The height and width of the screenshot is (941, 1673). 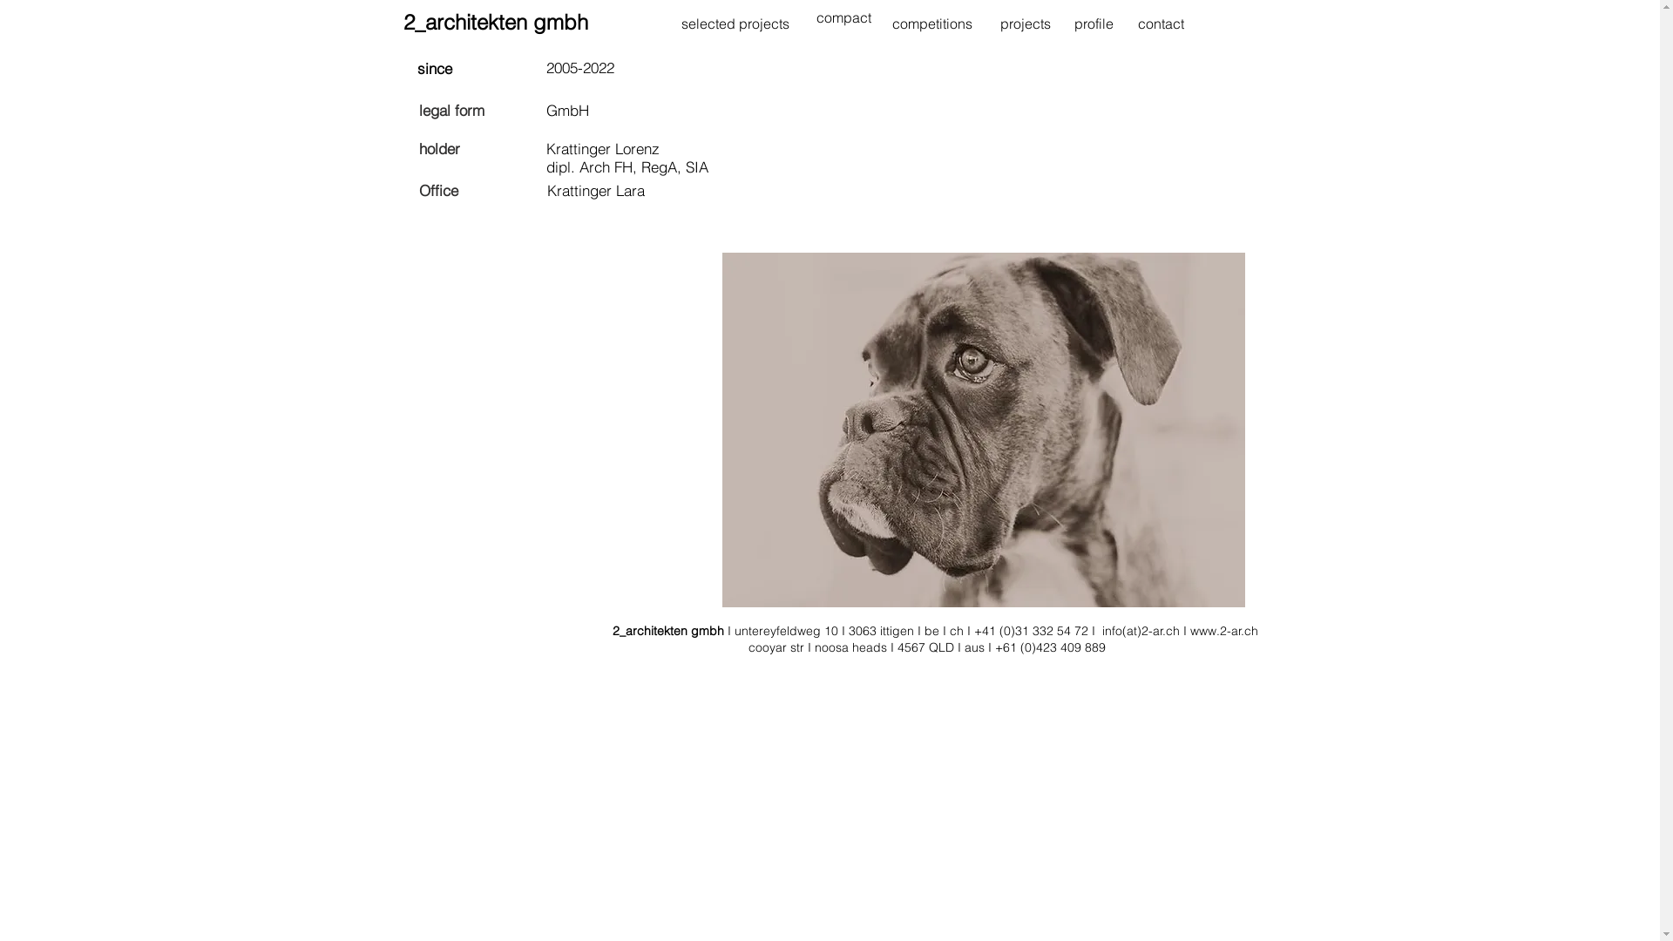 What do you see at coordinates (1161, 24) in the screenshot?
I see `'contact'` at bounding box center [1161, 24].